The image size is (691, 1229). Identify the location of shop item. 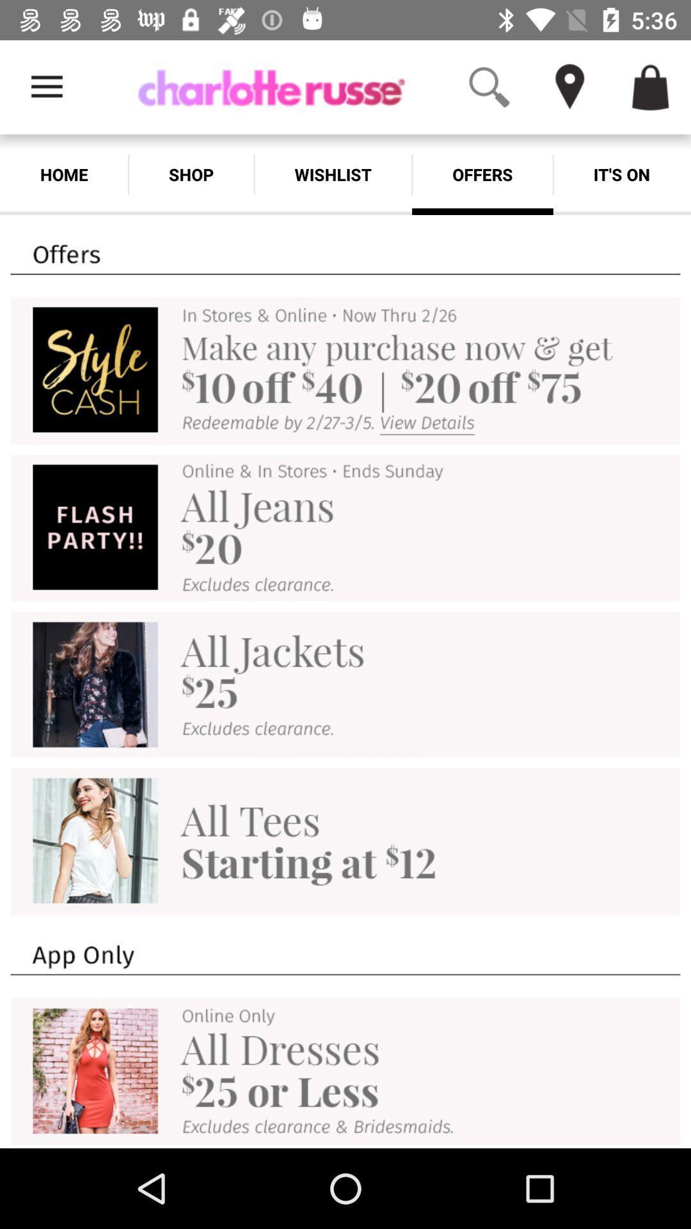
(191, 174).